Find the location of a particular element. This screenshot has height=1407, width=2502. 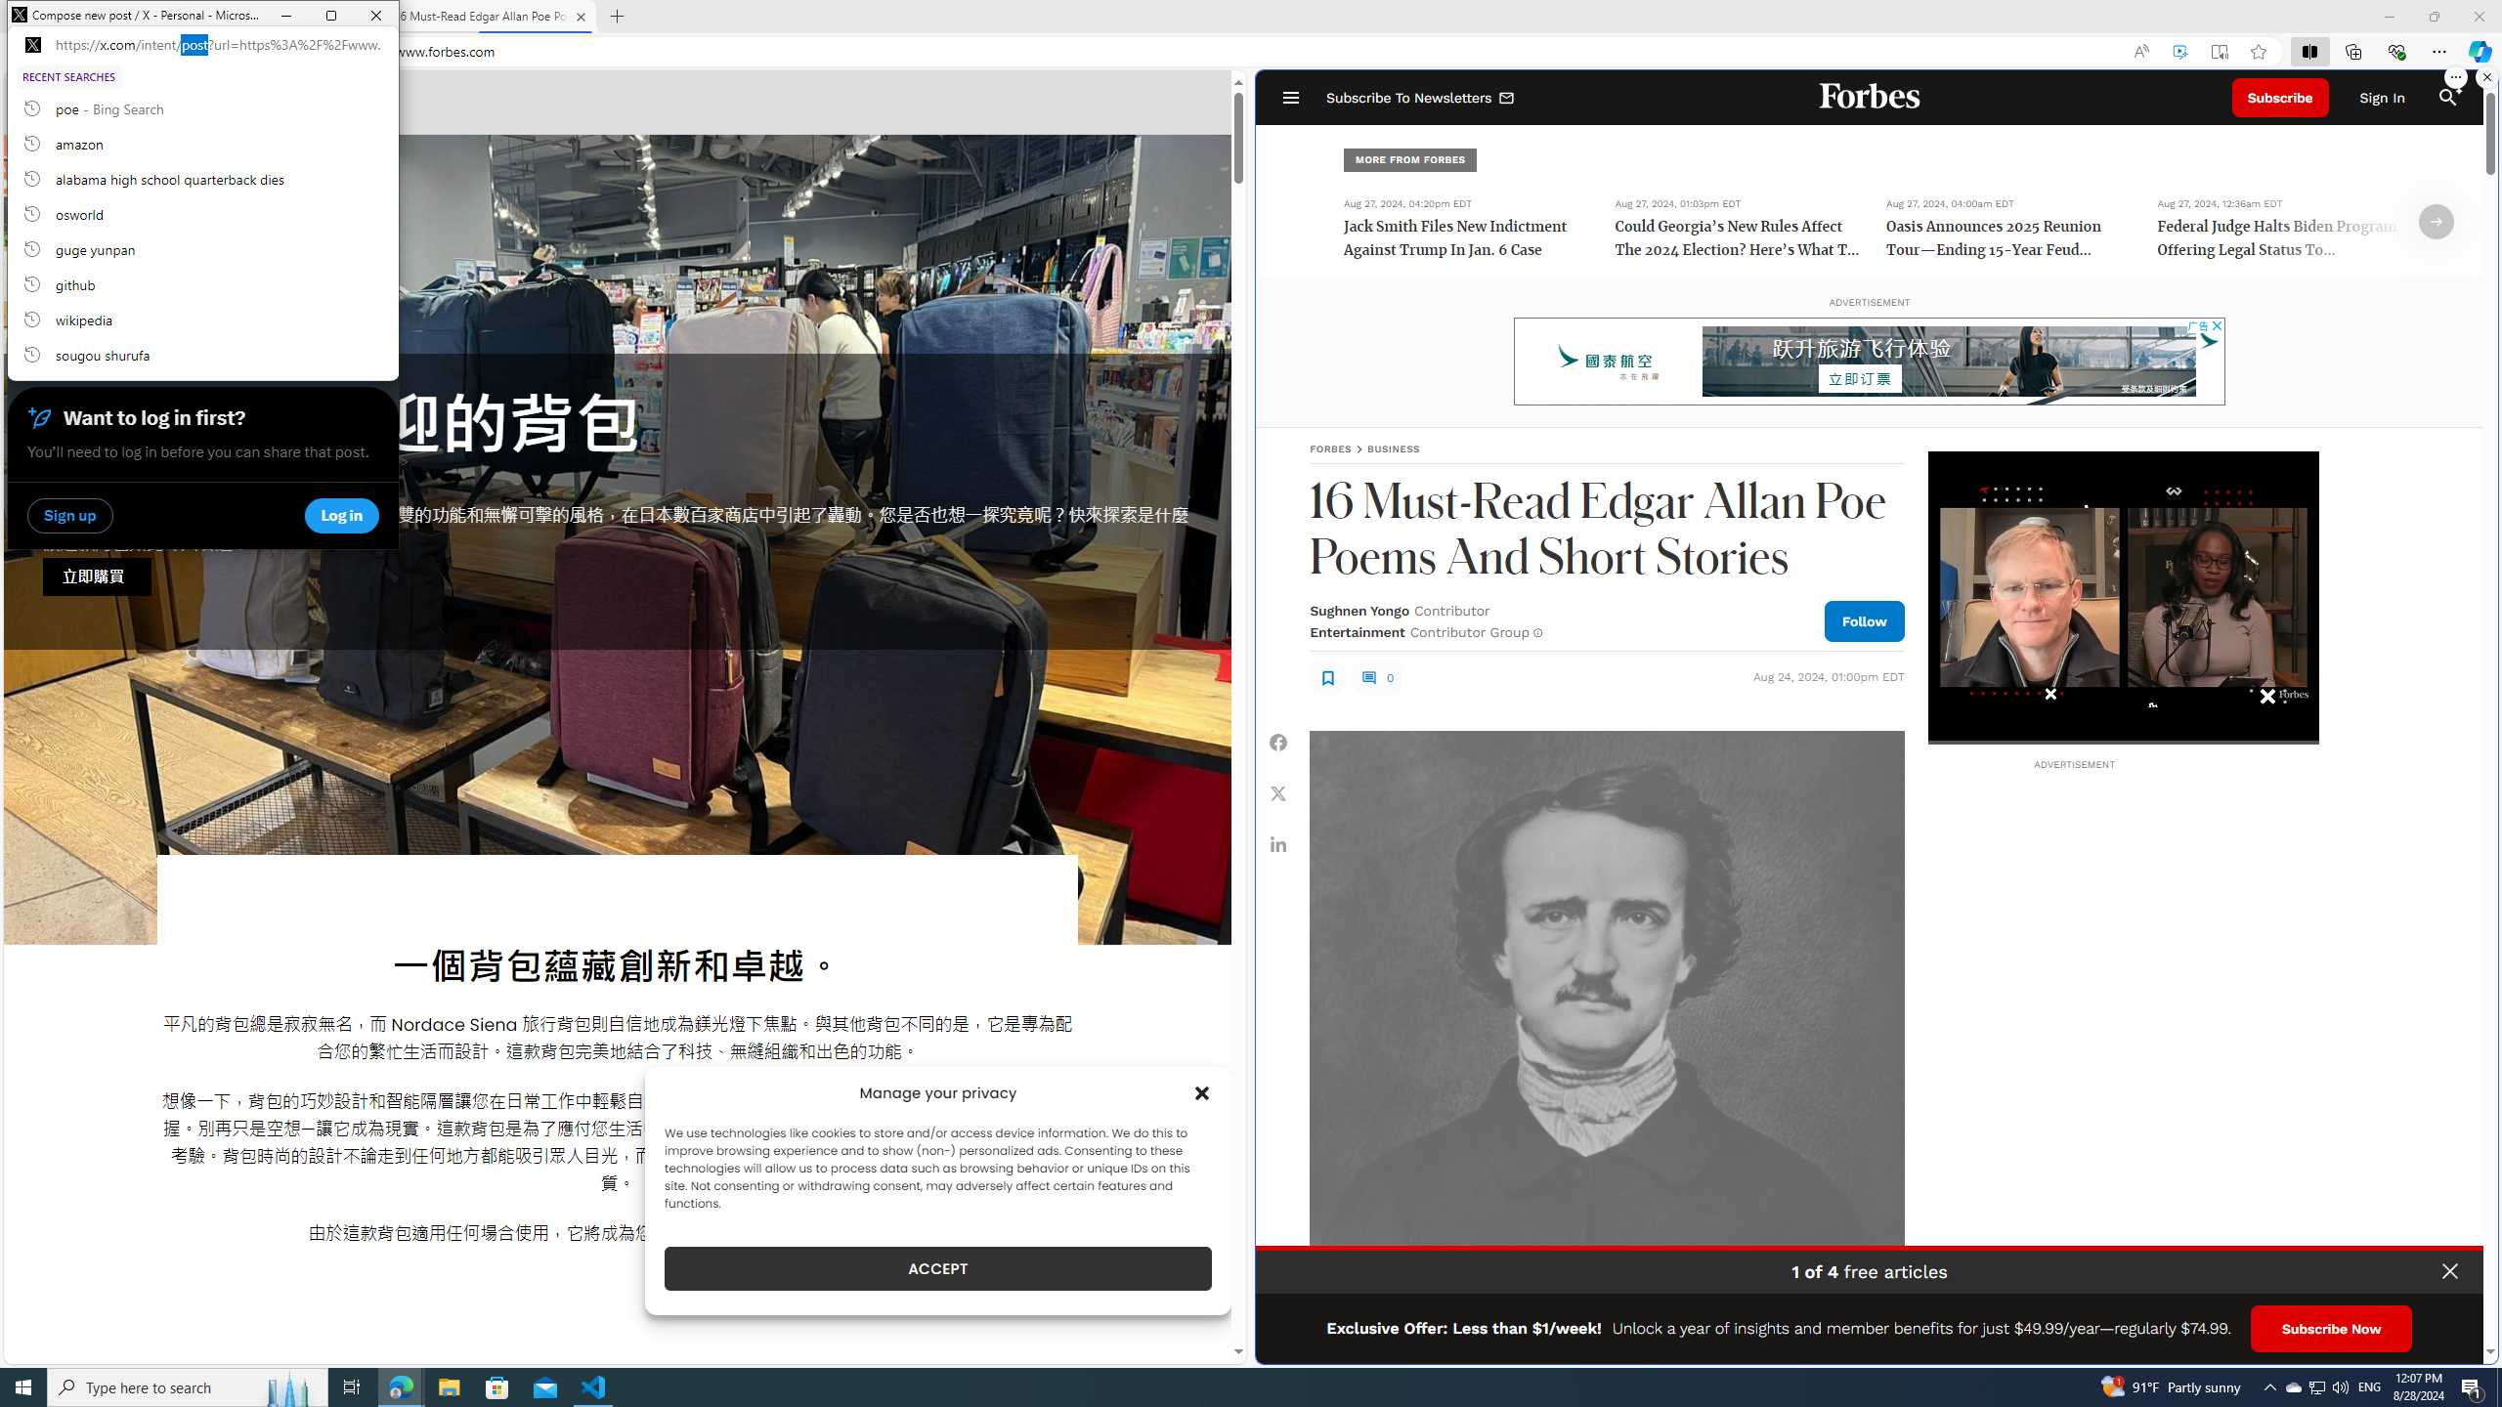

'Microsoft Store' is located at coordinates (497, 1386).